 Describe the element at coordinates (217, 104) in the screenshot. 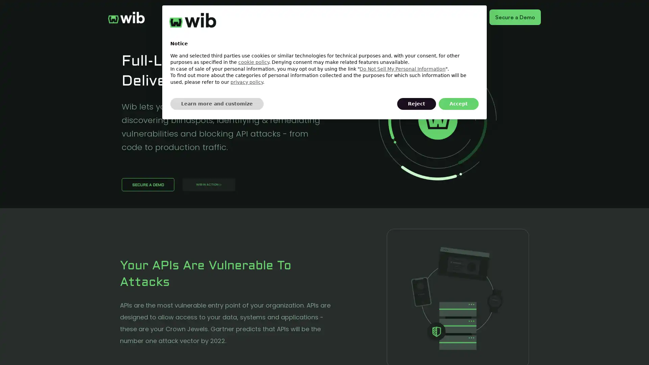

I see `Learn more and customize` at that location.